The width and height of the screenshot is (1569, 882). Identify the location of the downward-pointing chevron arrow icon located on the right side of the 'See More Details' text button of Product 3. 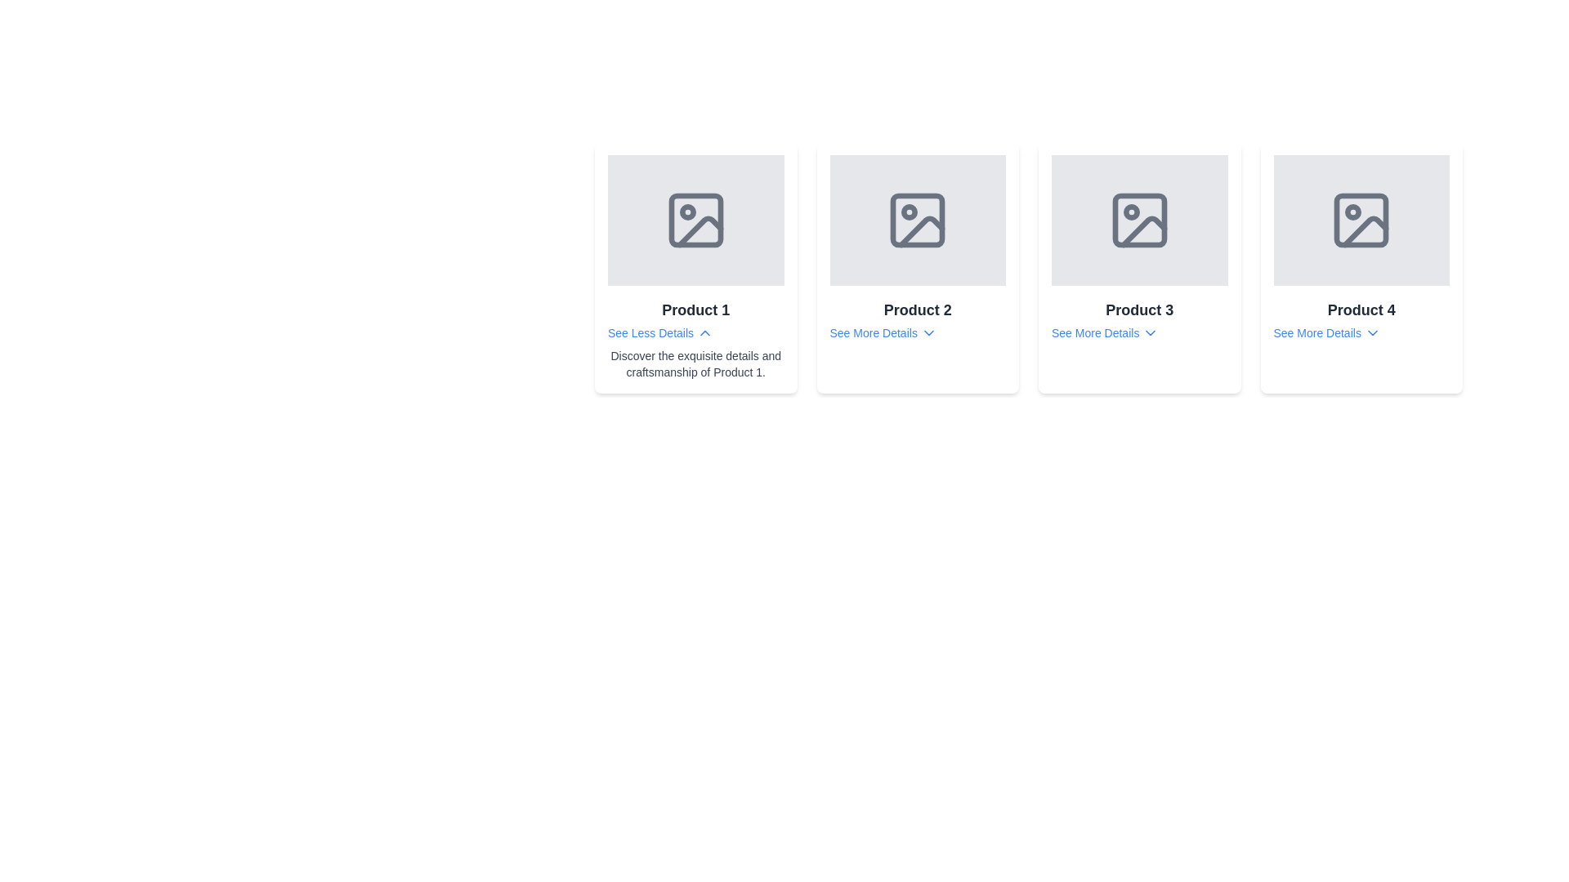
(1150, 332).